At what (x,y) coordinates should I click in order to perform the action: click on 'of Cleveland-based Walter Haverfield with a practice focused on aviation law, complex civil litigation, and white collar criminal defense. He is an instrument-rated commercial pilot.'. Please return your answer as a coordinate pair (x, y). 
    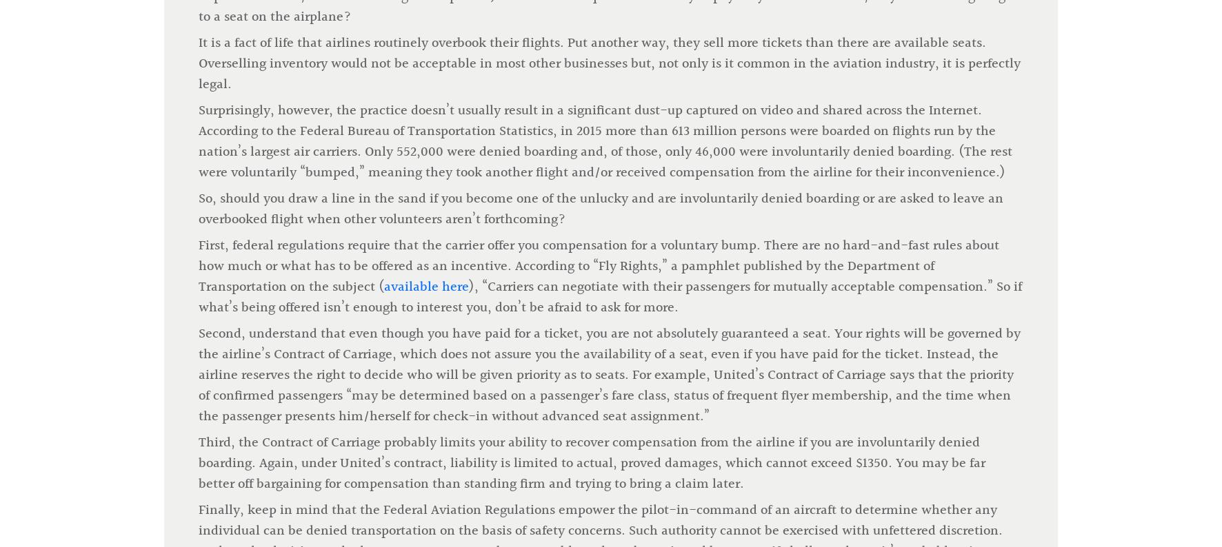
    Looking at the image, I should click on (598, 446).